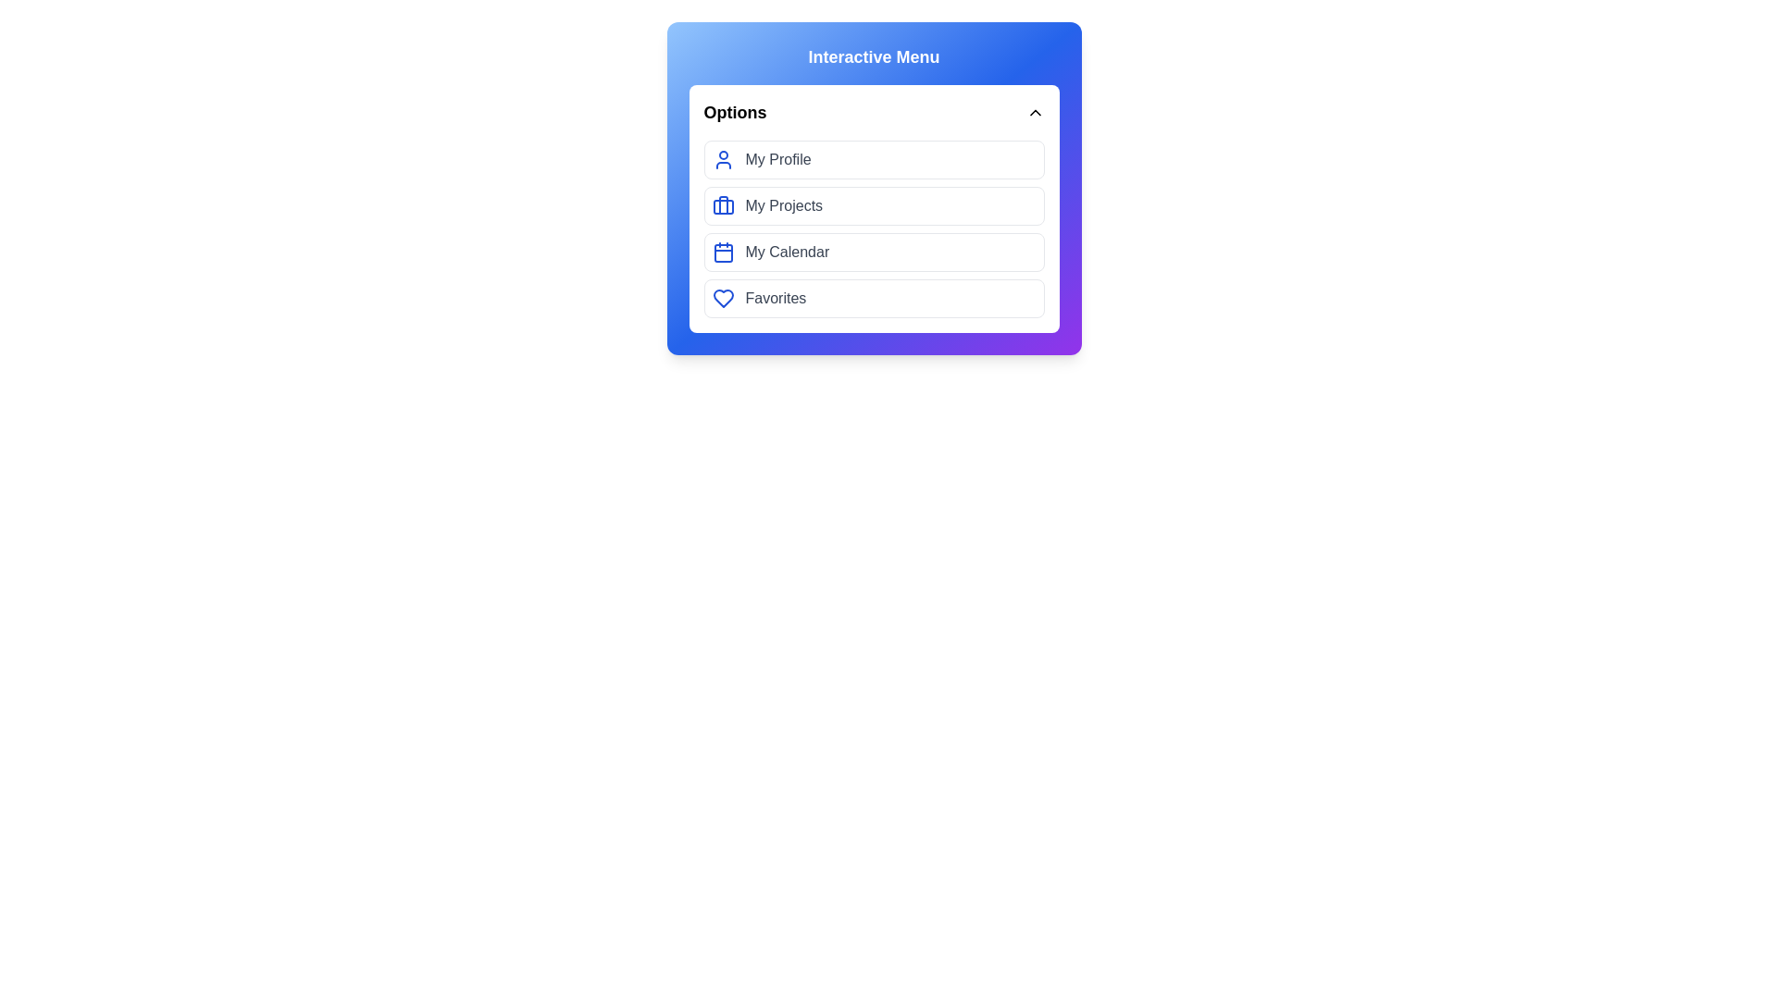  Describe the element at coordinates (873, 189) in the screenshot. I see `the 'My Projects' list item within the 'Options' section of the collapsible menu, which is displayed below the title 'Interactive Menu.'` at that location.